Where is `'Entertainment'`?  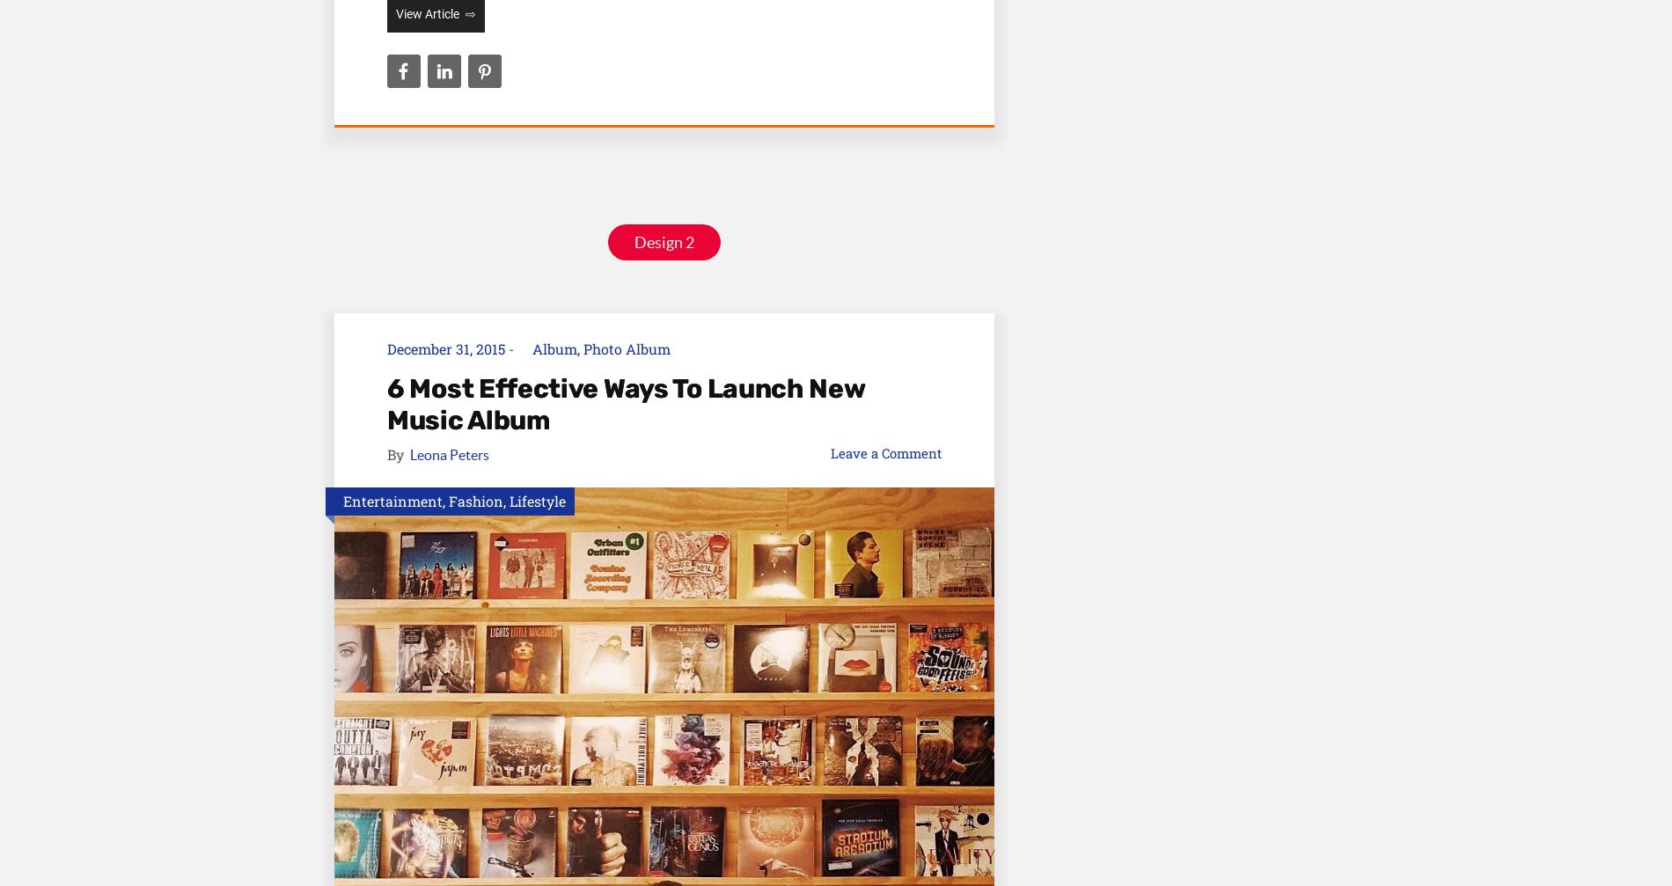 'Entertainment' is located at coordinates (342, 500).